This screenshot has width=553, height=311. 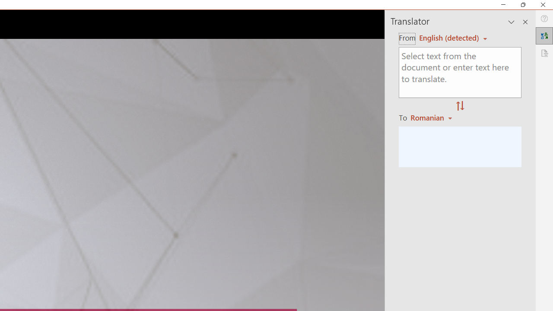 What do you see at coordinates (432, 117) in the screenshot?
I see `'Romanian'` at bounding box center [432, 117].